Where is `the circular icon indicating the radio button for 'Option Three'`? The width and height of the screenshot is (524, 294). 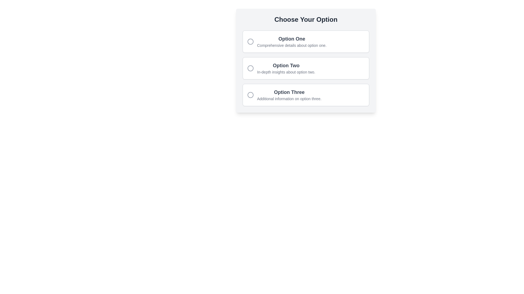 the circular icon indicating the radio button for 'Option Three' is located at coordinates (250, 94).